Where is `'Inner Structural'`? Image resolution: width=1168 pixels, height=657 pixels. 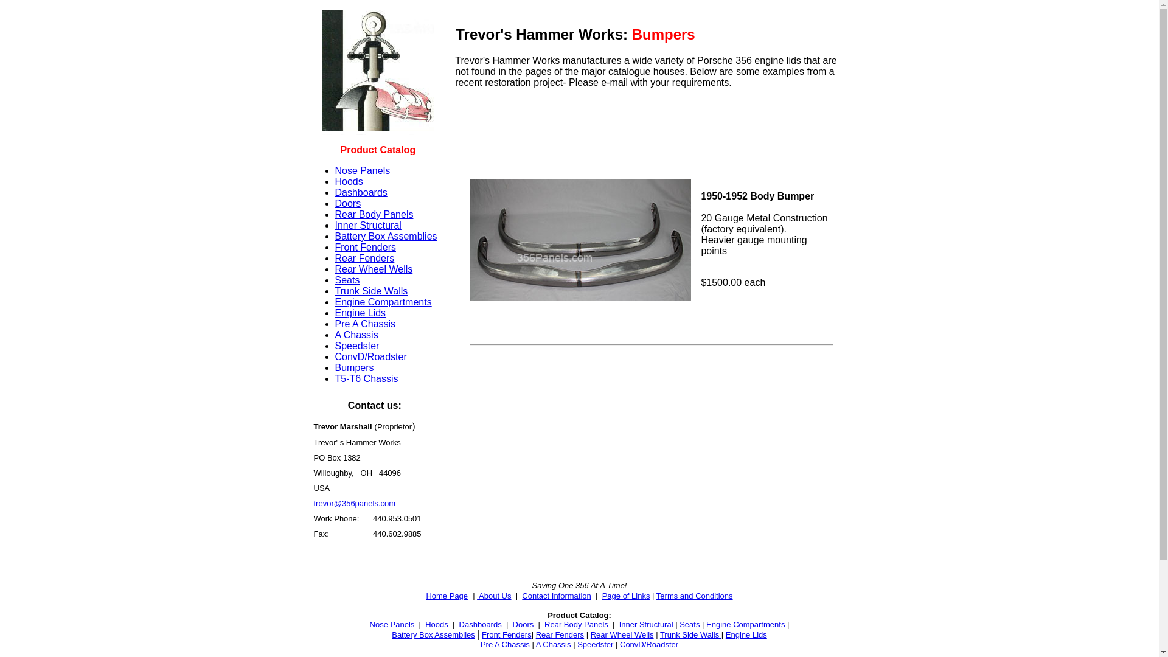 'Inner Structural' is located at coordinates (367, 225).